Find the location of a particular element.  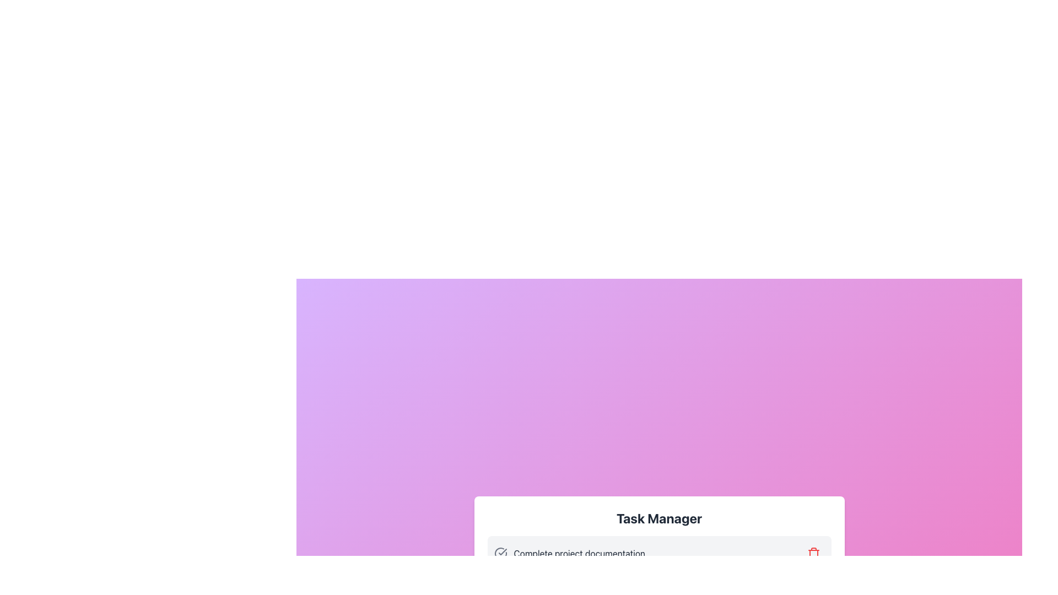

the delete button located at the end of a task item row in the task manager interface is located at coordinates (813, 554).